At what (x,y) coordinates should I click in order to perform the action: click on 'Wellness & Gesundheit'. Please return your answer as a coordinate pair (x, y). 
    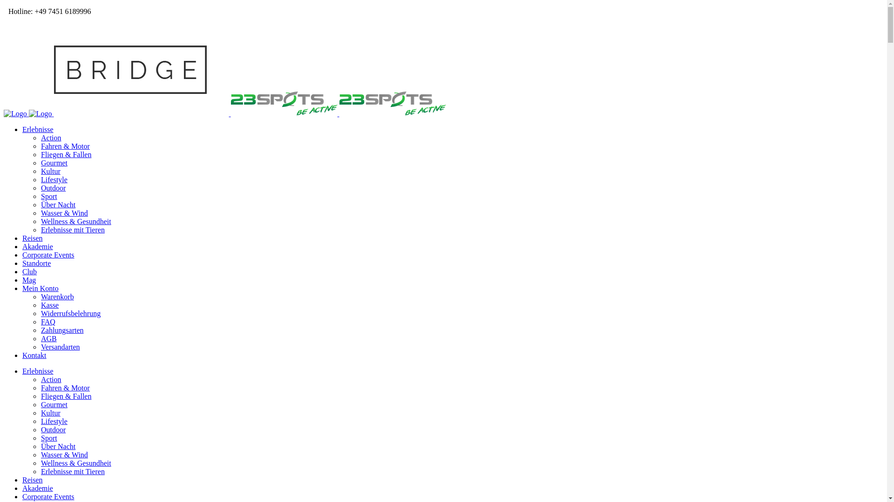
    Looking at the image, I should click on (76, 463).